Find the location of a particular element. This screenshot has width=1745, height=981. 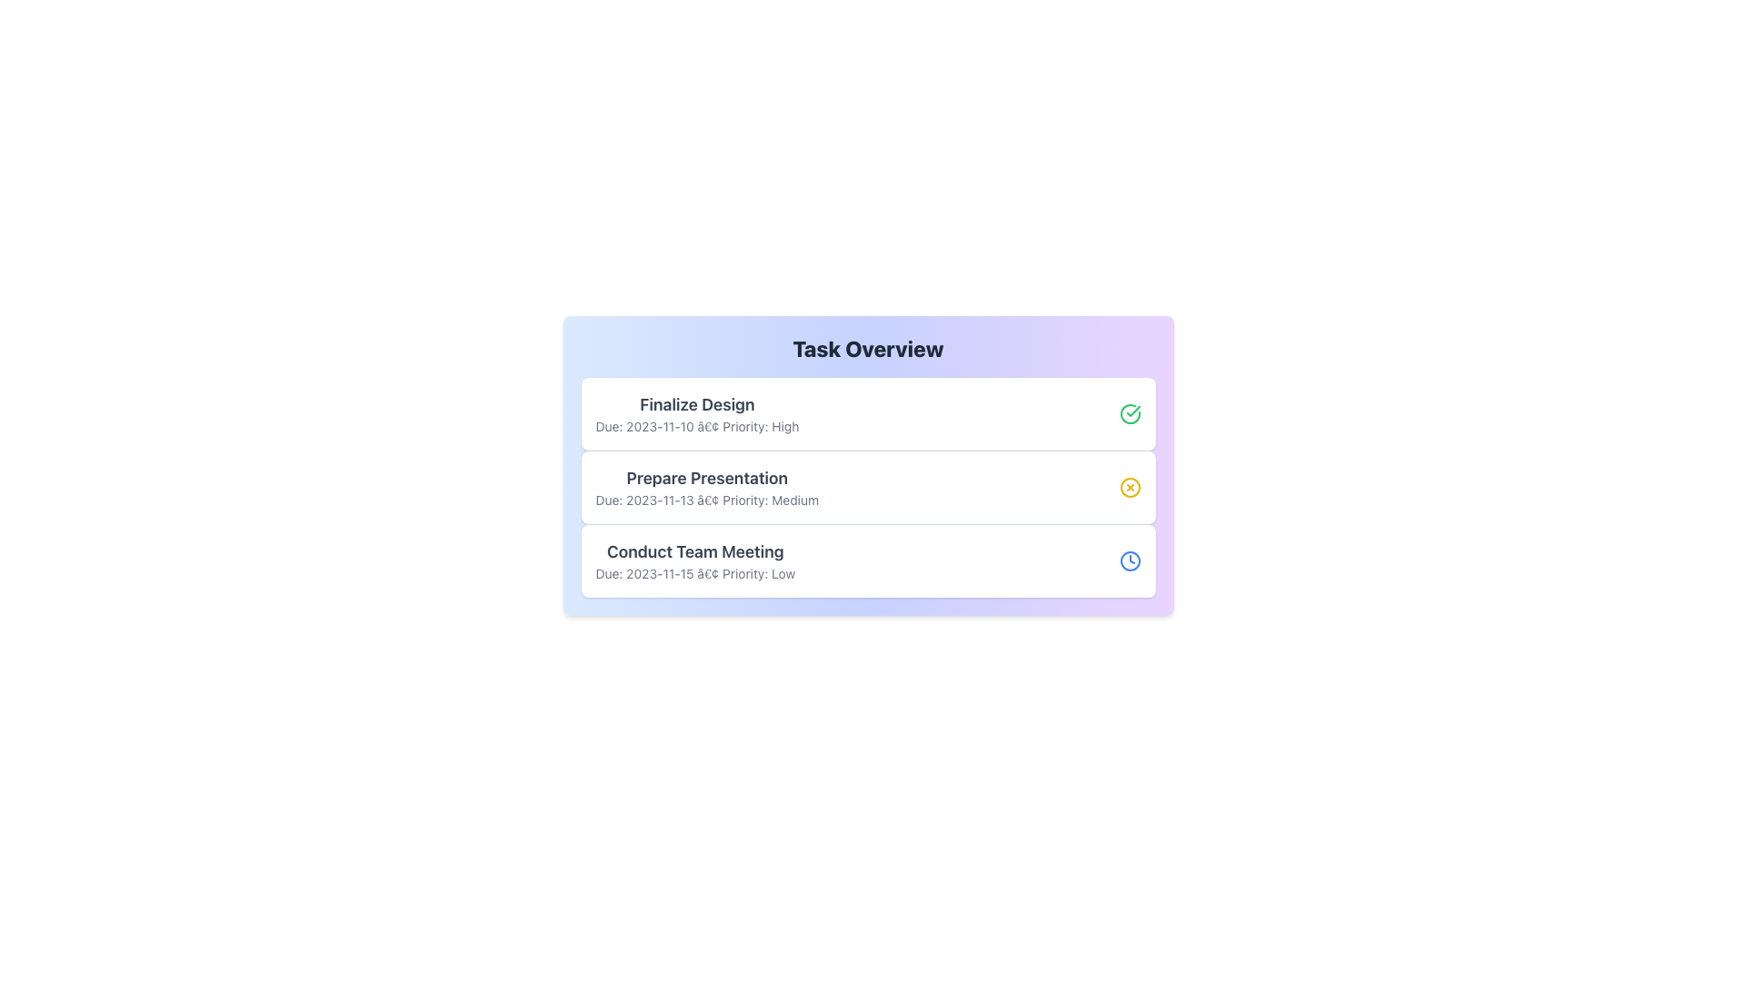

the static text label that contains the text 'Conduct Team Meeting', which is styled in bold and larger font, positioned above the due date and priority details in the task list entry is located at coordinates (694, 551).